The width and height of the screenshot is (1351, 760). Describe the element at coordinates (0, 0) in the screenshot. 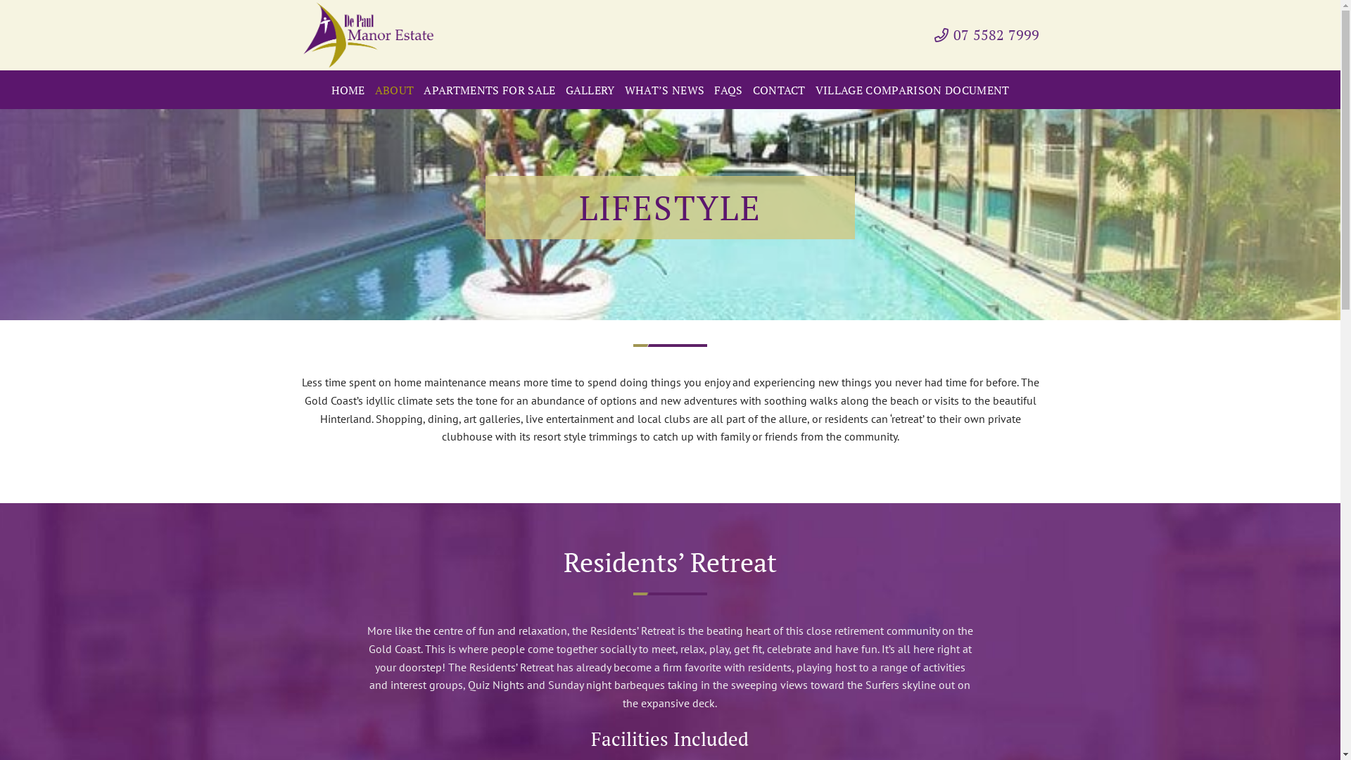

I see `'Skip to content'` at that location.